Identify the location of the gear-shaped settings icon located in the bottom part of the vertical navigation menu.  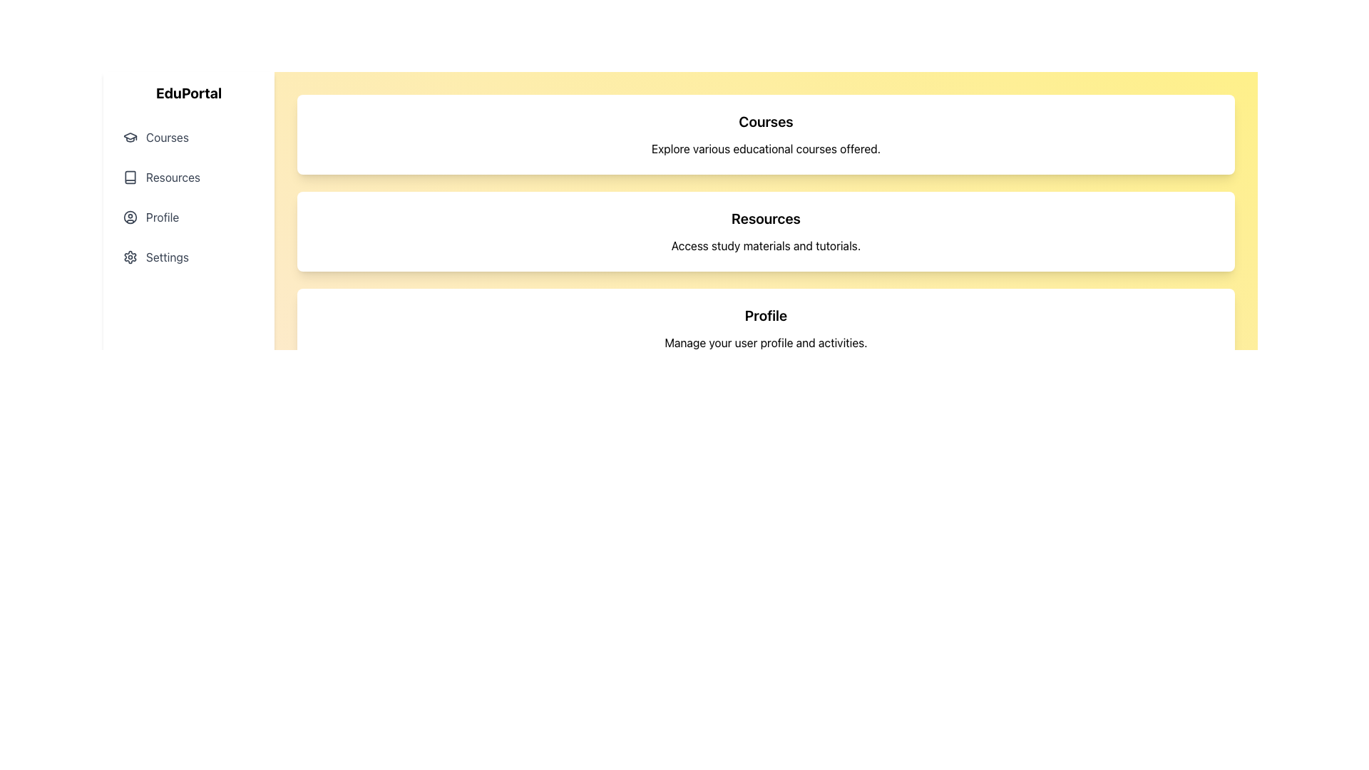
(130, 257).